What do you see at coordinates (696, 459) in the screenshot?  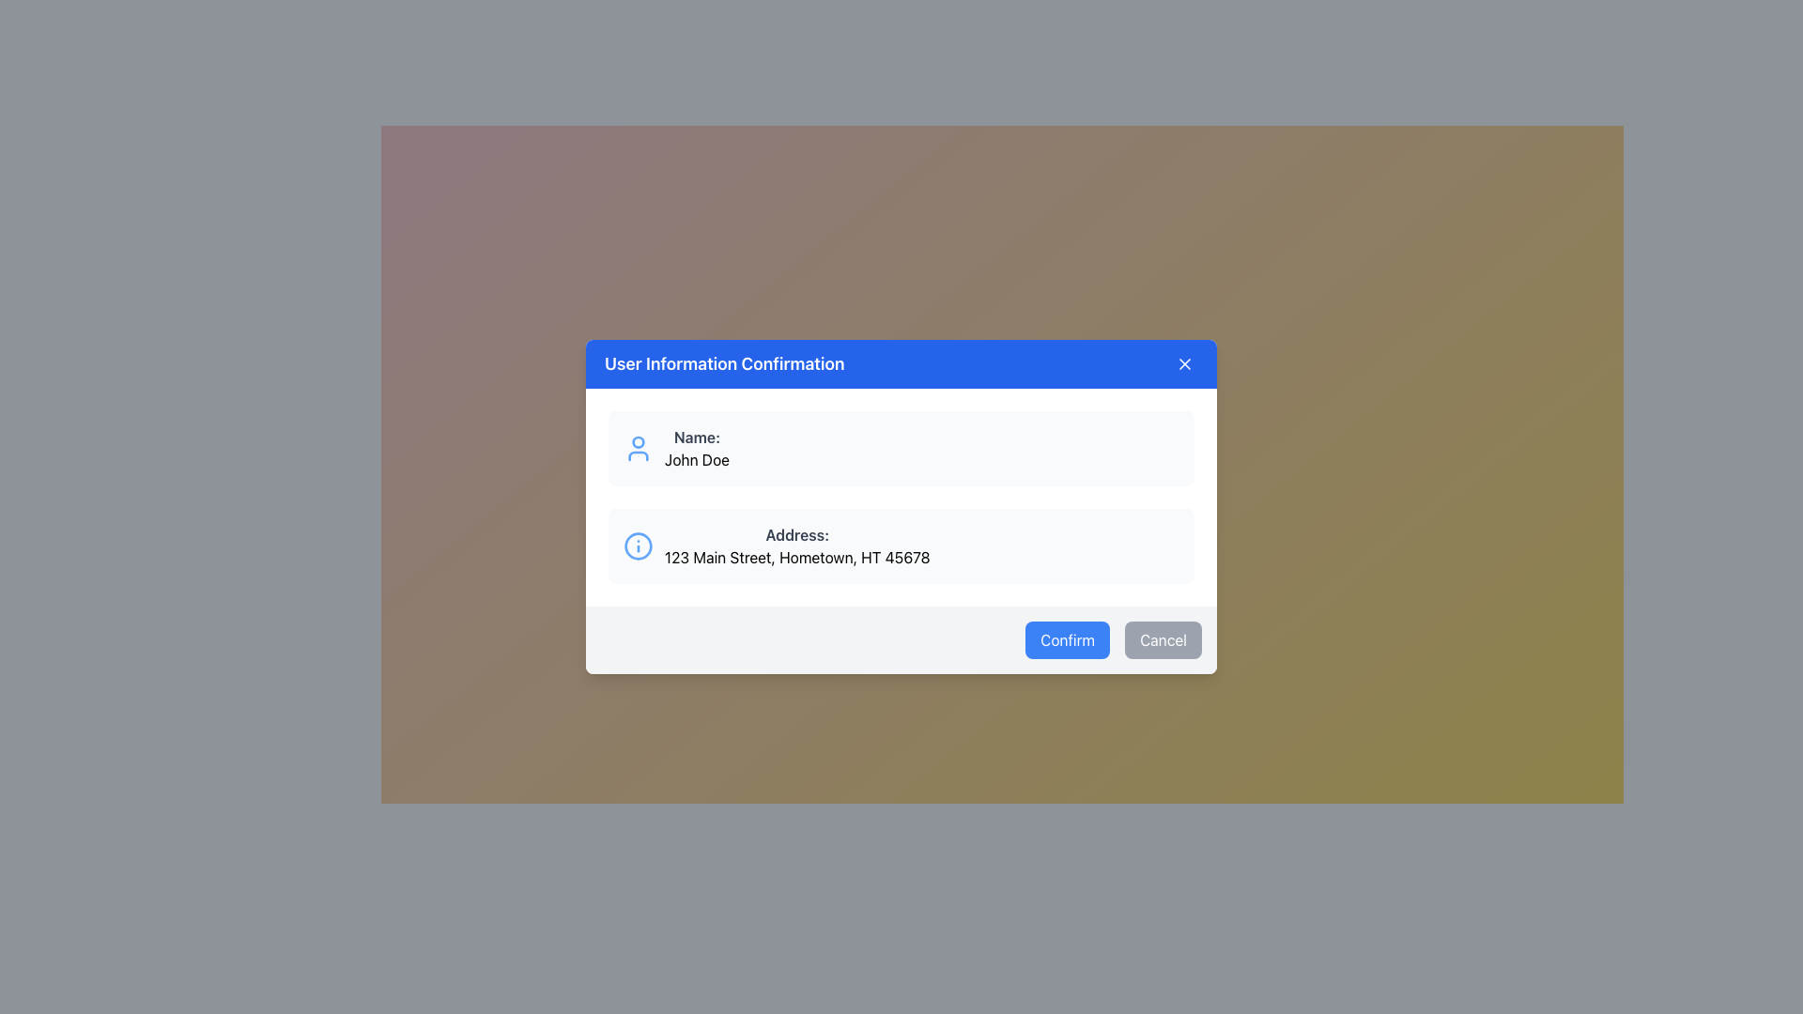 I see `displayed user's name in the text display located in the 'User Information Confirmation' dialog box, under the label 'Name:'` at bounding box center [696, 459].